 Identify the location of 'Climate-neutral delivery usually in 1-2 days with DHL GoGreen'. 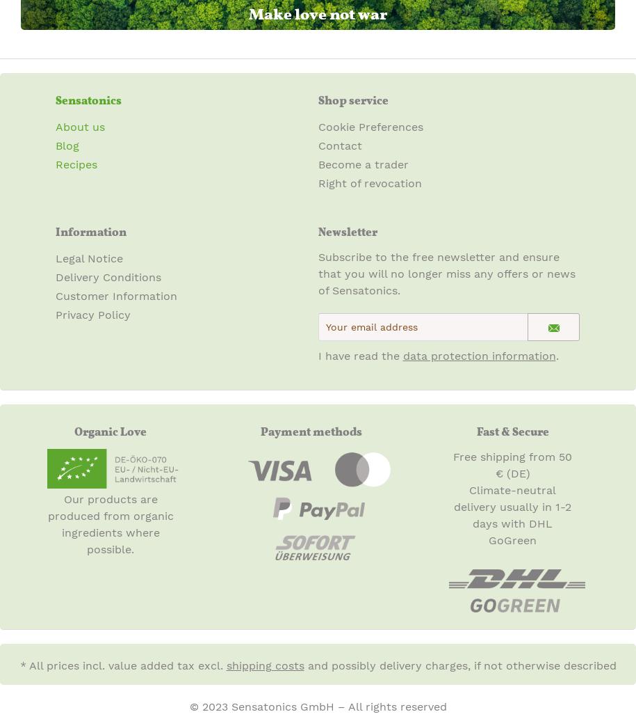
(512, 514).